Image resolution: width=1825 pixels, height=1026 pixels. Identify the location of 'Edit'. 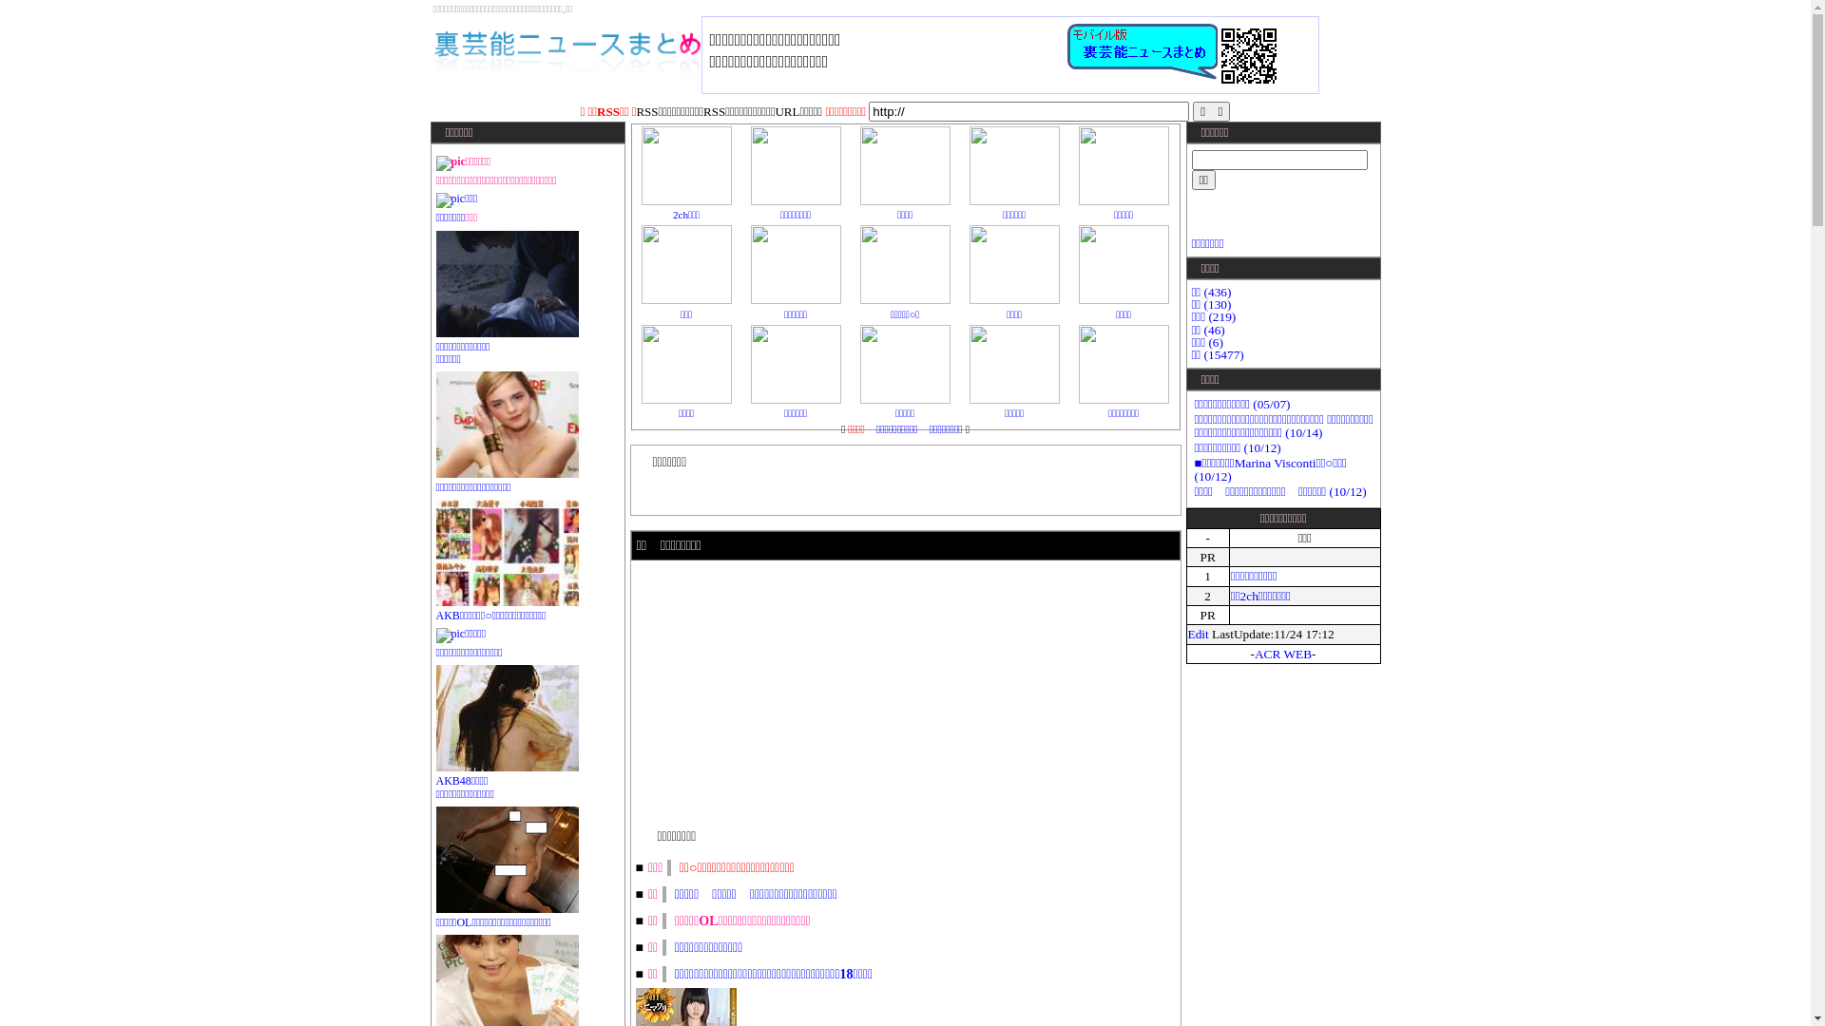
(1198, 634).